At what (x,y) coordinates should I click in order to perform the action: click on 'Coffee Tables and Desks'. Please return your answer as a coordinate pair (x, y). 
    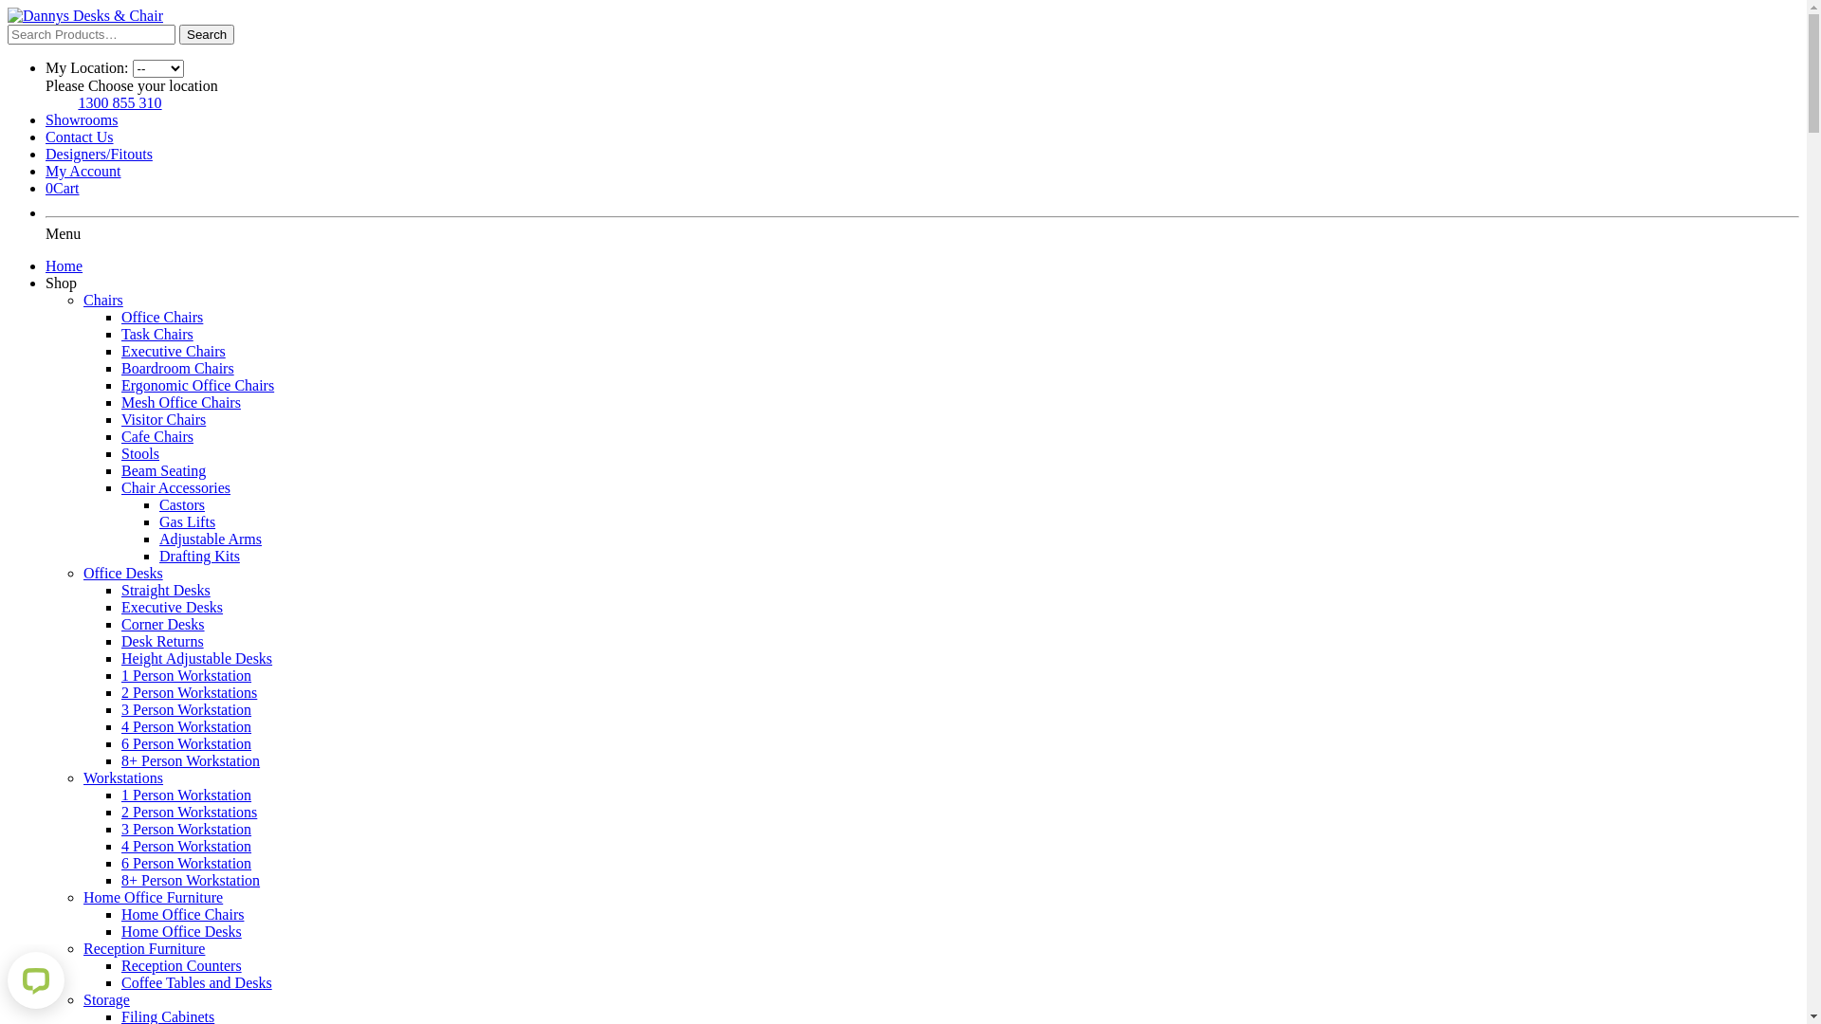
    Looking at the image, I should click on (120, 981).